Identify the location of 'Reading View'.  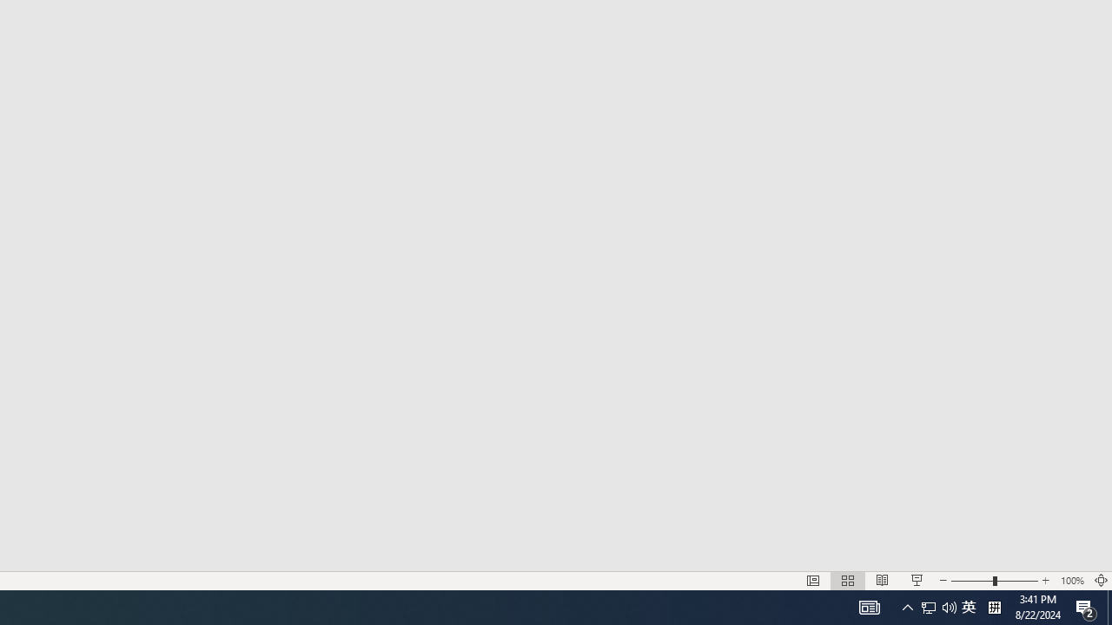
(882, 581).